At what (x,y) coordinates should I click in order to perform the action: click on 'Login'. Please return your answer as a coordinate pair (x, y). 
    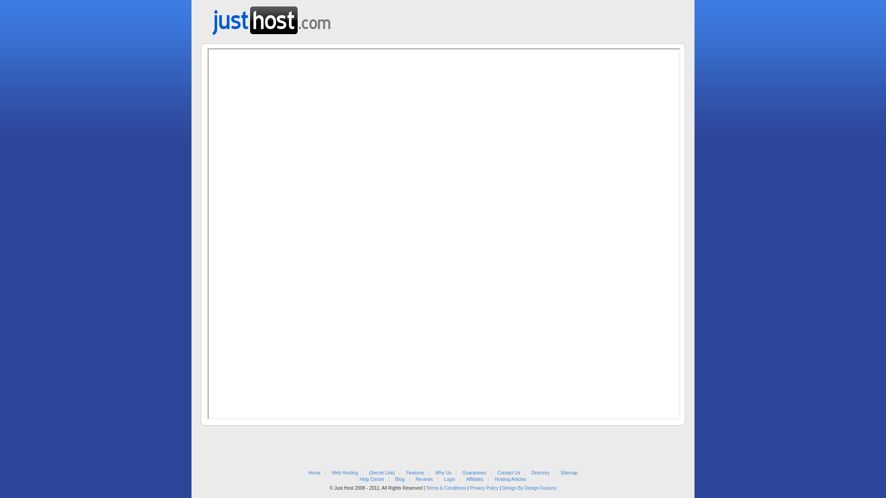
    Looking at the image, I should click on (449, 479).